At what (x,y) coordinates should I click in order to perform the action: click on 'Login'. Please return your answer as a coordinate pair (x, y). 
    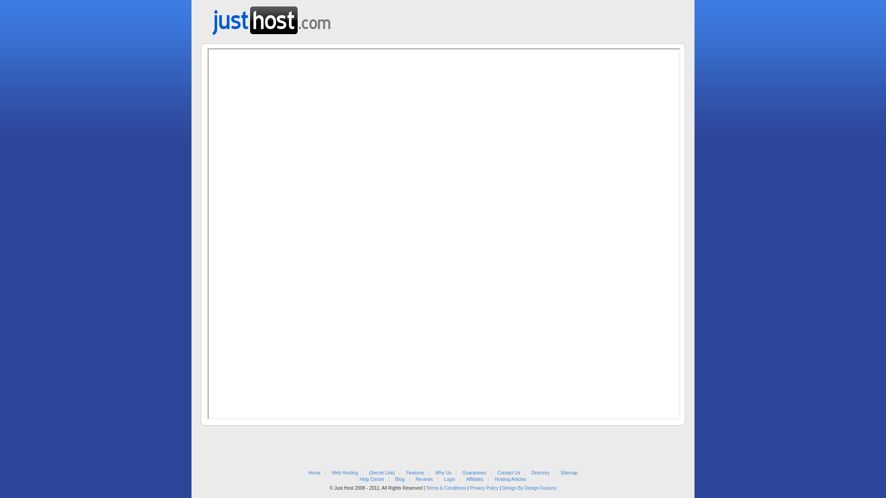
    Looking at the image, I should click on (449, 479).